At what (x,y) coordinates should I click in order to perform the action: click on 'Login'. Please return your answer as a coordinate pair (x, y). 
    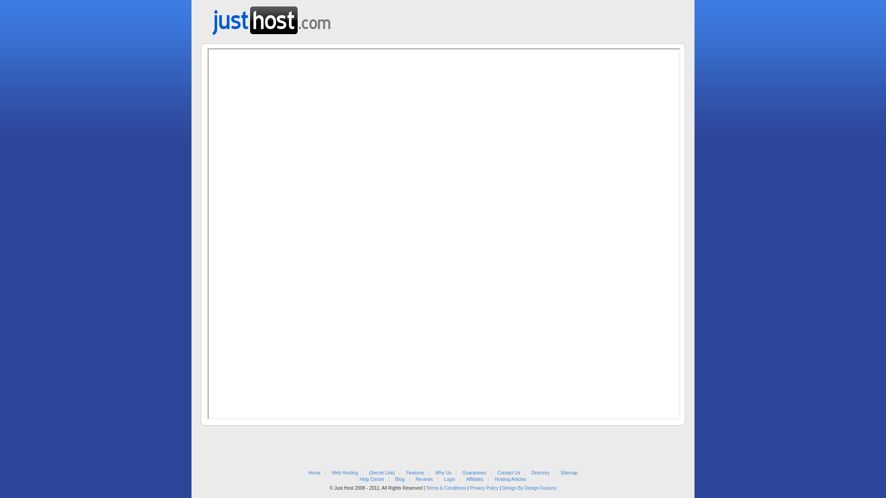
    Looking at the image, I should click on (449, 479).